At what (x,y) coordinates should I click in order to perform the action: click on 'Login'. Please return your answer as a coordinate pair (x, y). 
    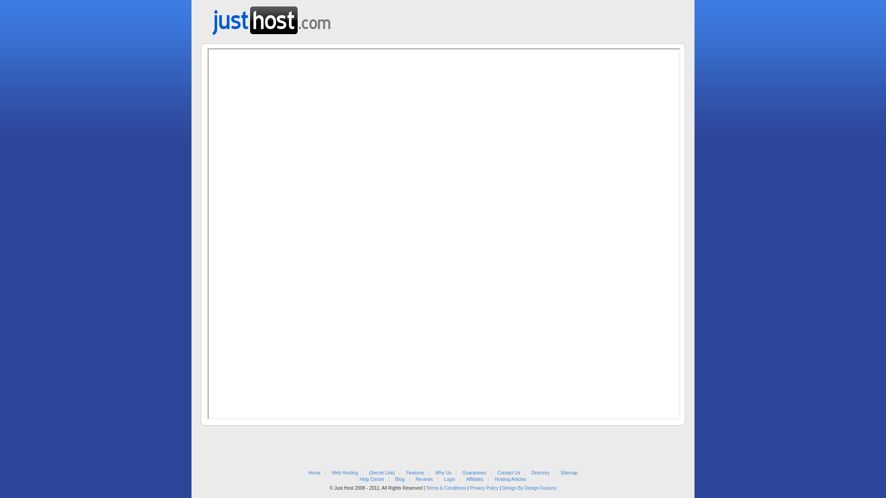
    Looking at the image, I should click on (449, 479).